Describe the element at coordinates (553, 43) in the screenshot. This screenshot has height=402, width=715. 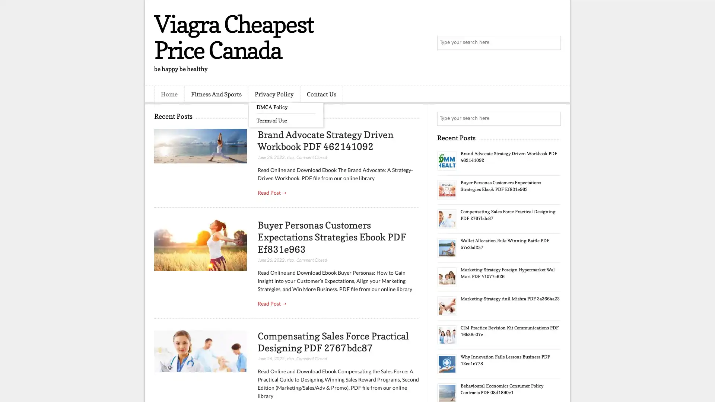
I see `Search` at that location.